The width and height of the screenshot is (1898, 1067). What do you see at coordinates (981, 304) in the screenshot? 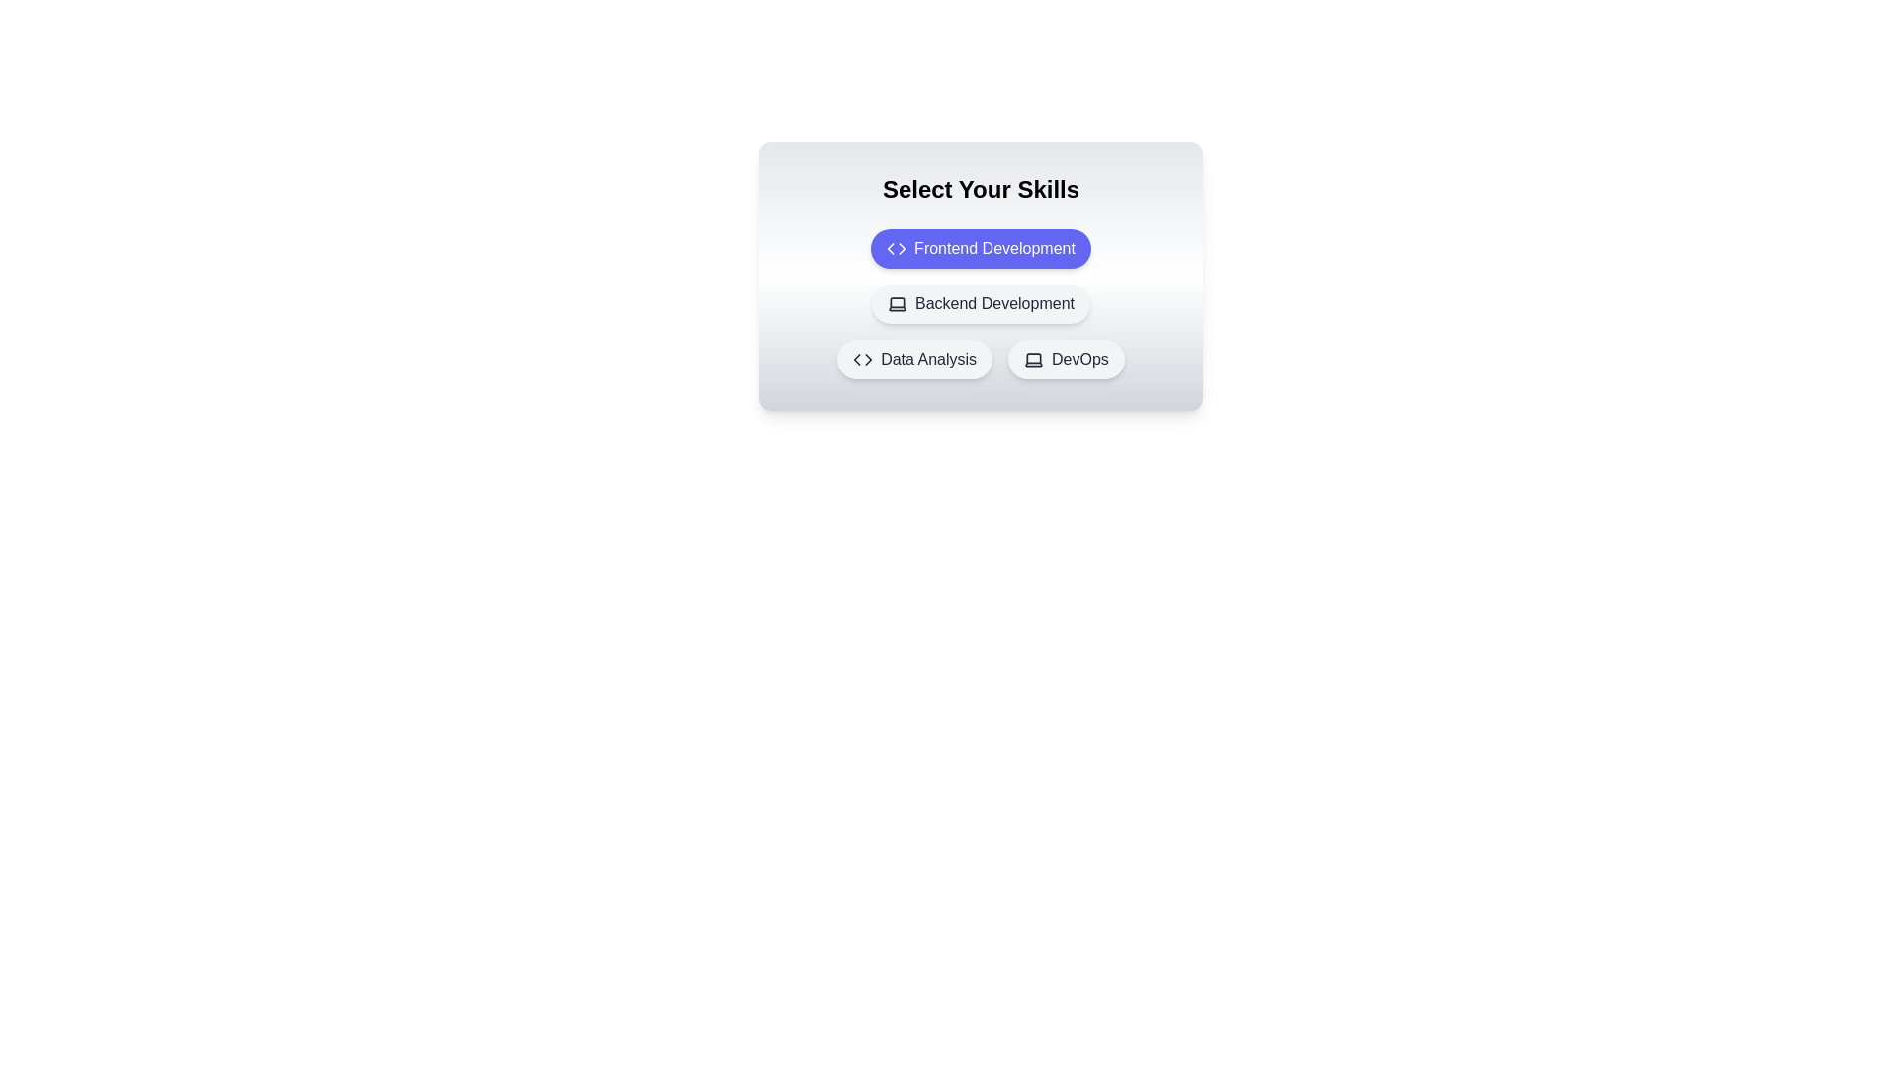
I see `the skill chip labeled Backend Development` at bounding box center [981, 304].